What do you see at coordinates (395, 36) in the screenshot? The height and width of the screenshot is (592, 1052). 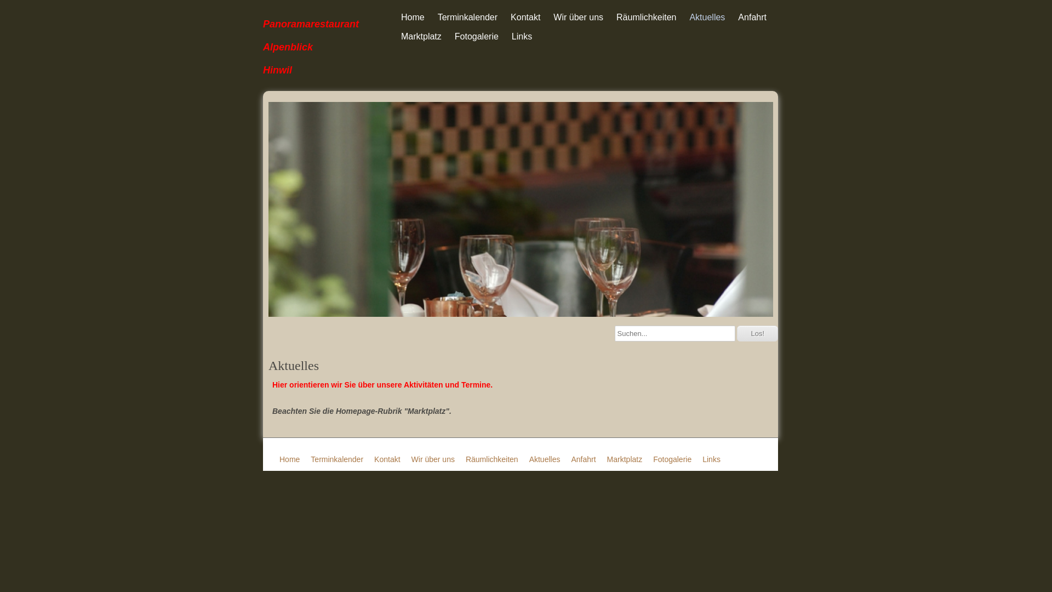 I see `'Marktplatz'` at bounding box center [395, 36].